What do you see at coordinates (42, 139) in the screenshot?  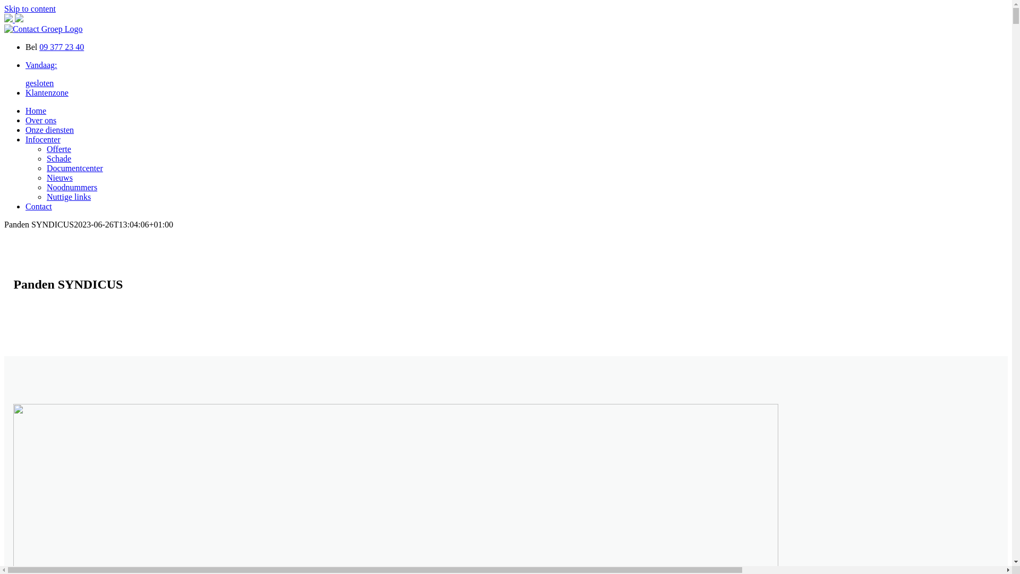 I see `'Infocenter'` at bounding box center [42, 139].